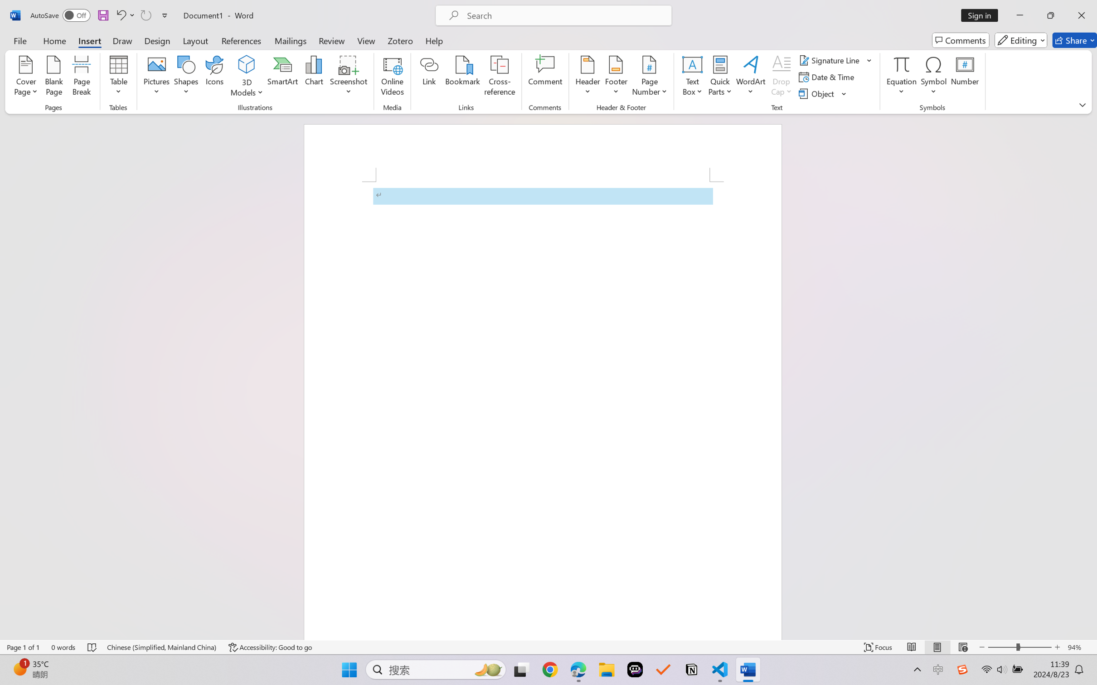 Image resolution: width=1097 pixels, height=685 pixels. What do you see at coordinates (185, 77) in the screenshot?
I see `'Shapes'` at bounding box center [185, 77].